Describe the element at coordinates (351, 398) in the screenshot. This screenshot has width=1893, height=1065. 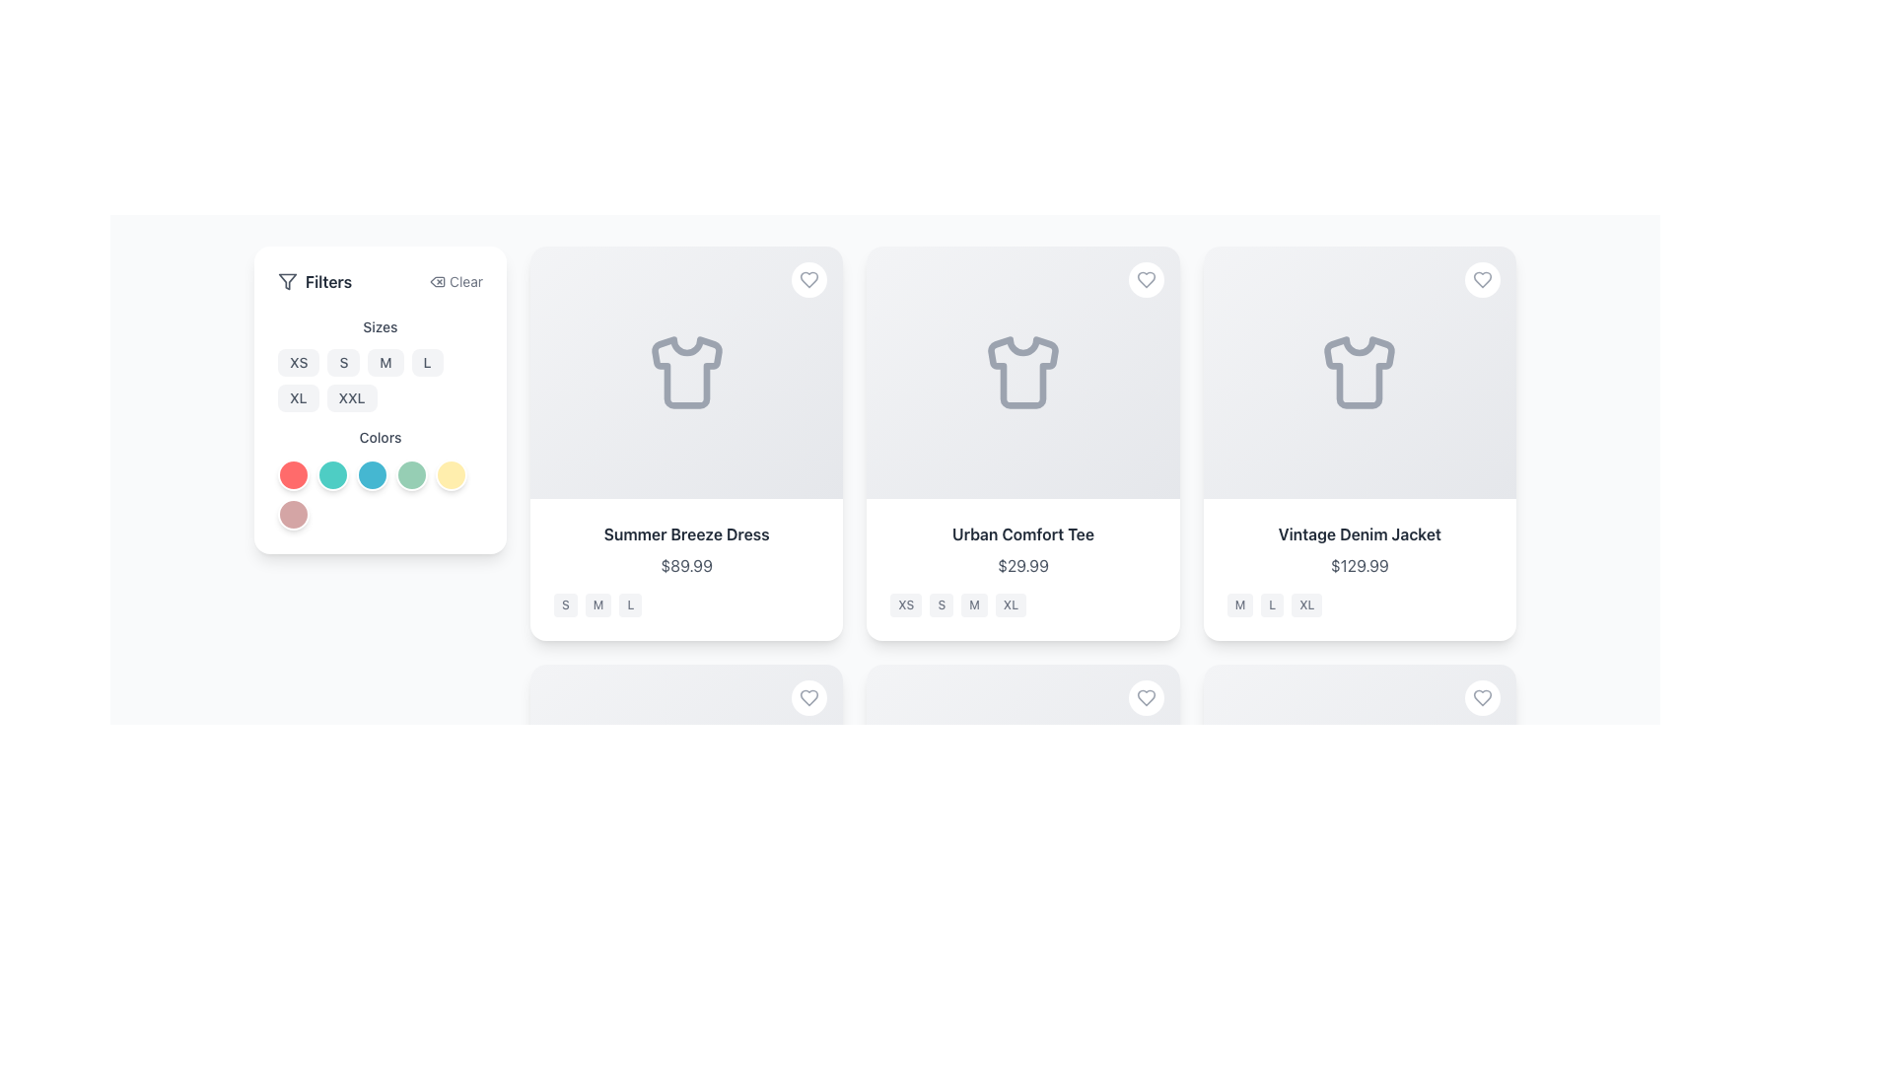
I see `the XXL size filter button located beneath the 'Sizes' header` at that location.